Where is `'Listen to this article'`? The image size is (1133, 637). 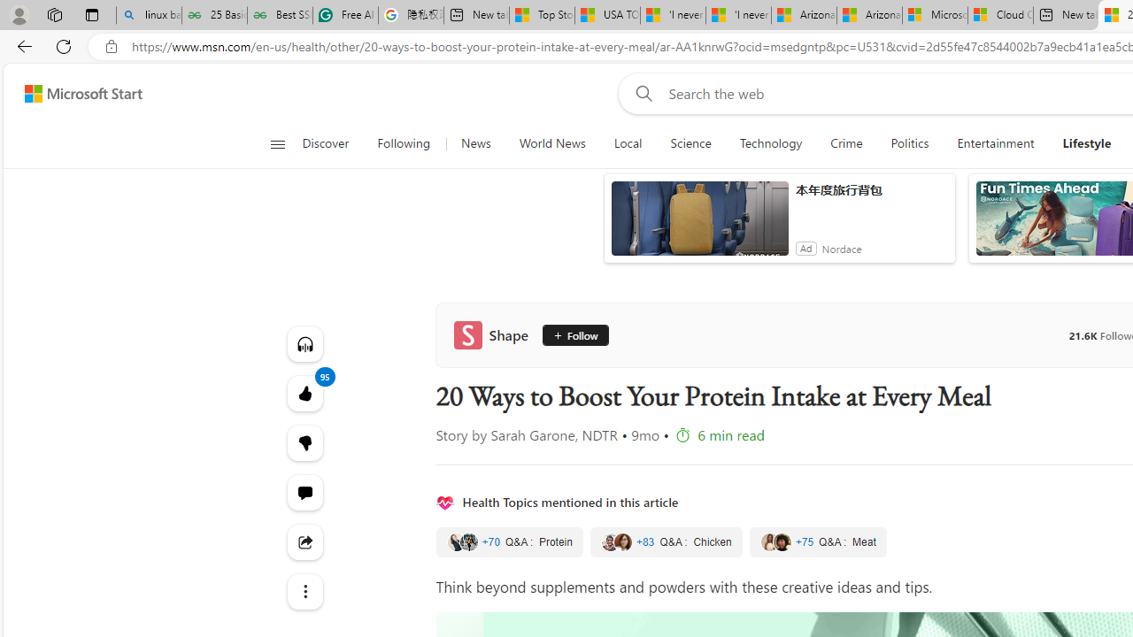 'Listen to this article' is located at coordinates (304, 343).